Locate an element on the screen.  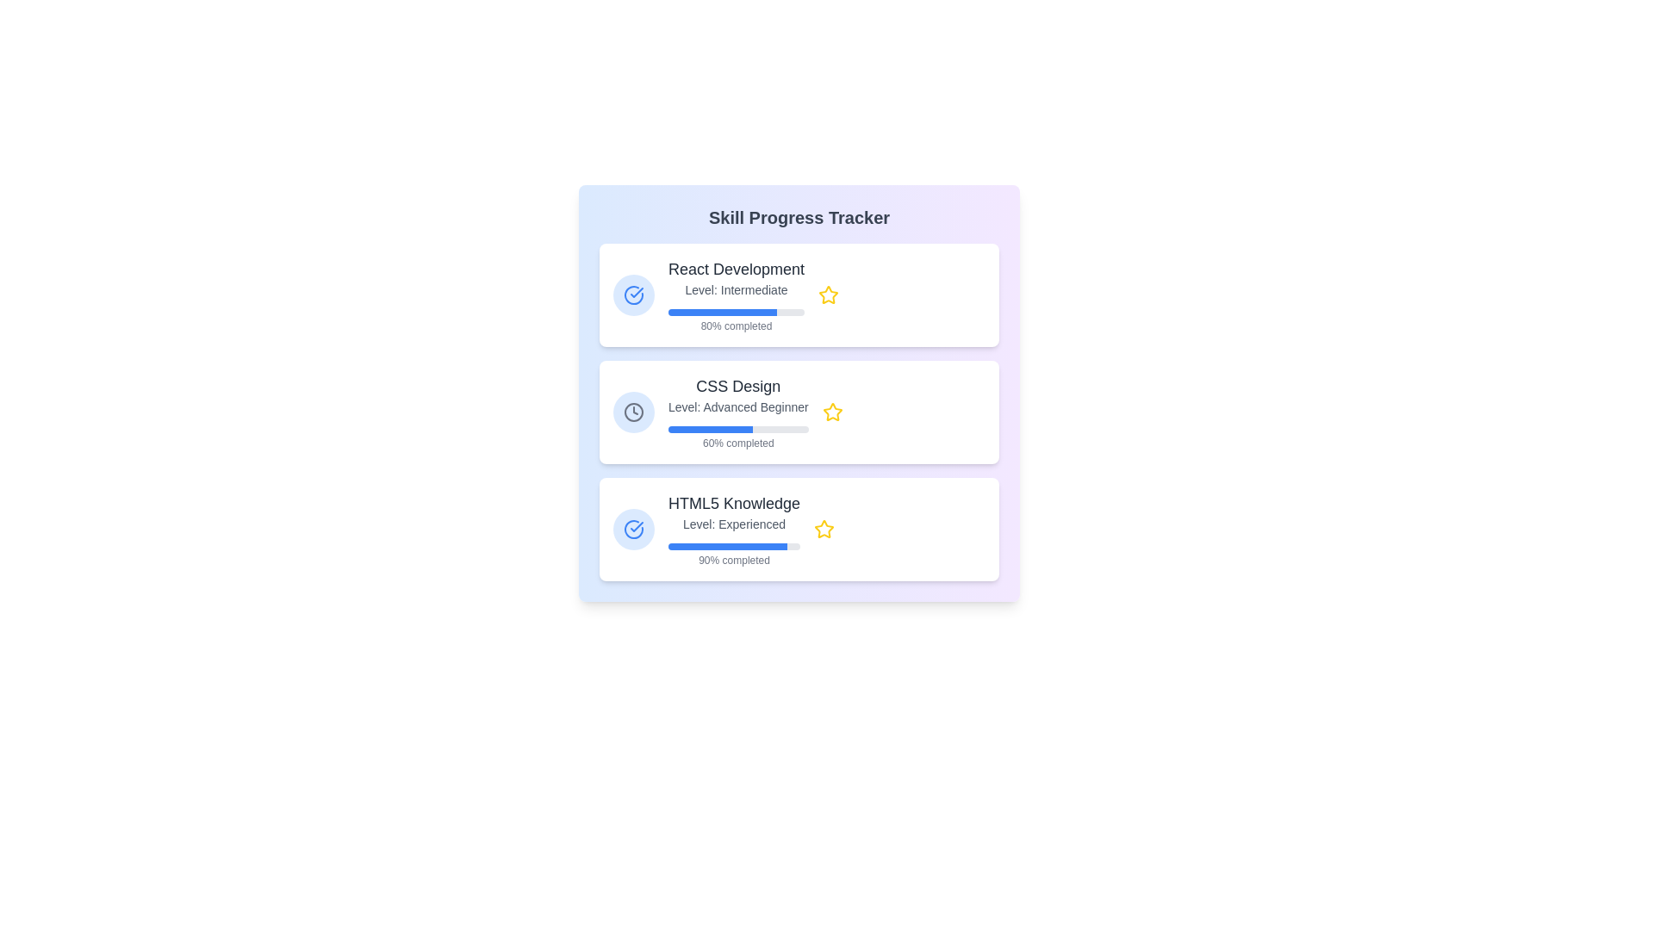
the 'Skill Progress Tracker' title label to potentially see additional information is located at coordinates (798, 217).